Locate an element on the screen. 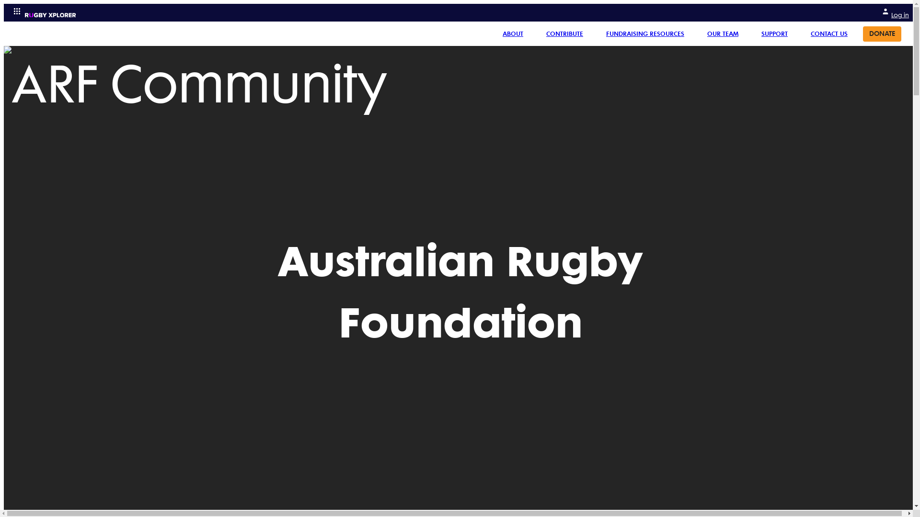 The image size is (920, 517). 'DONATE' is located at coordinates (882, 33).